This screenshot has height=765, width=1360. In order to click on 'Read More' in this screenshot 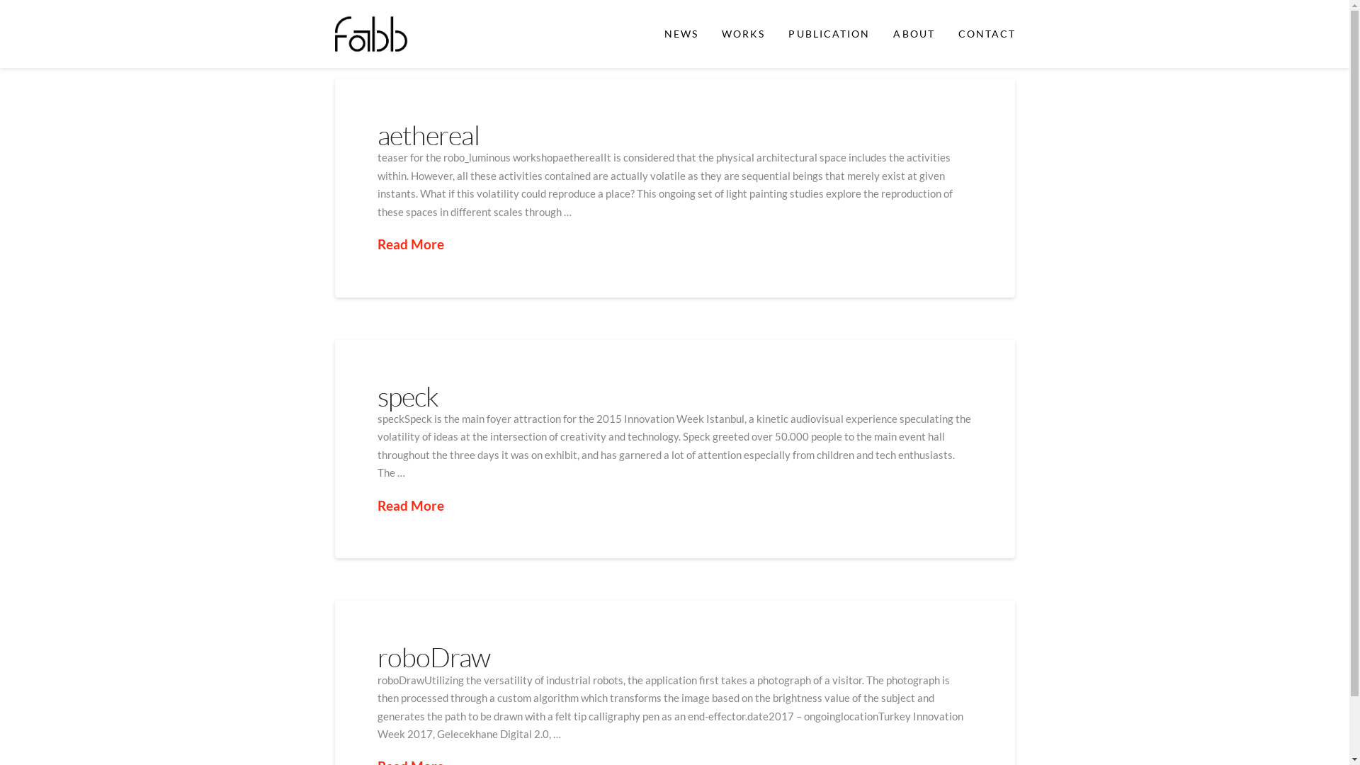, I will do `click(377, 505)`.